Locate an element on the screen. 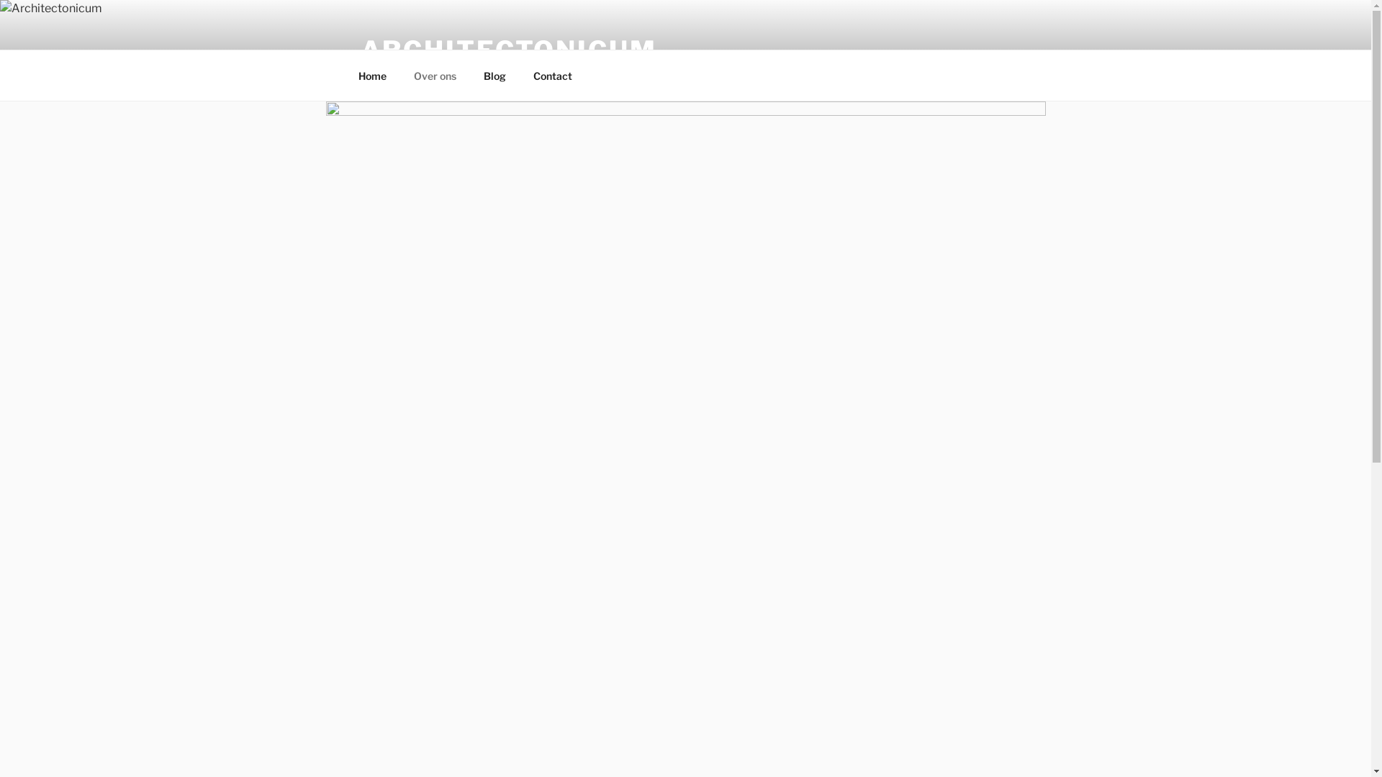 The height and width of the screenshot is (777, 1382). 'Skip to content' is located at coordinates (0, 0).